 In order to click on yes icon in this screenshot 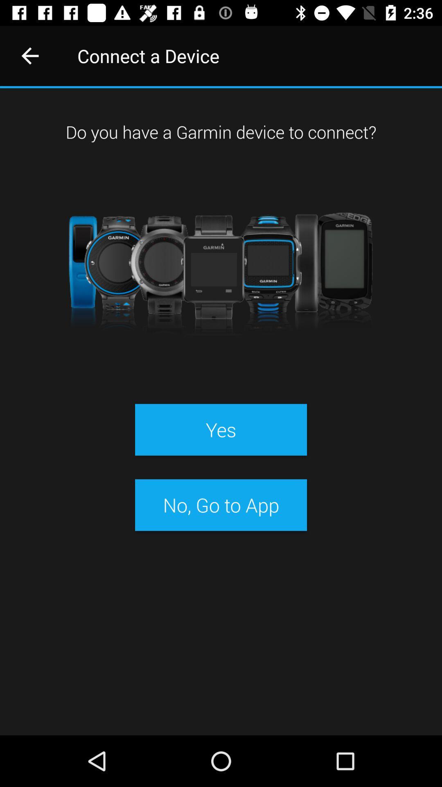, I will do `click(221, 429)`.